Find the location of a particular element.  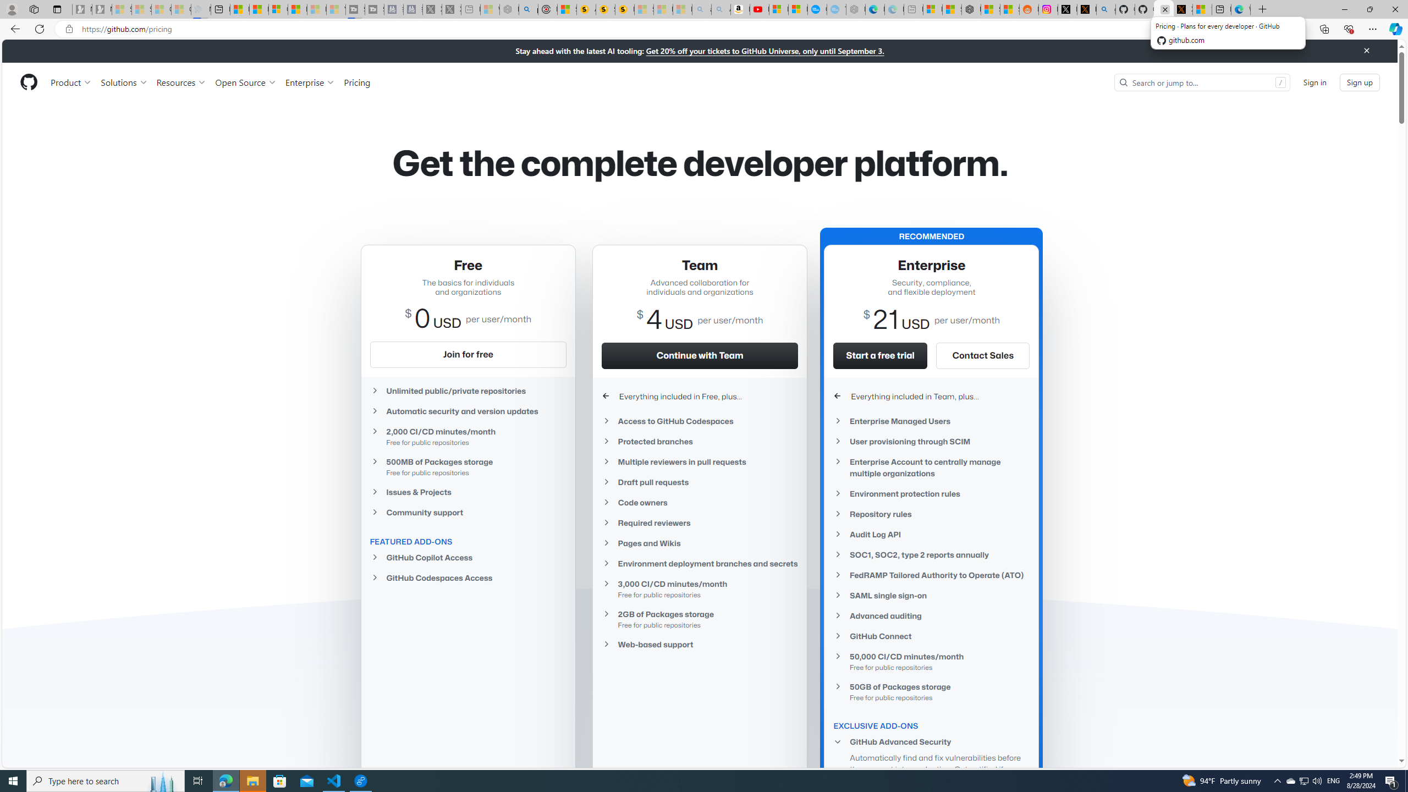

'Day 1: Arriving in Yemen (surreal to be here) - YouTube' is located at coordinates (760, 9).